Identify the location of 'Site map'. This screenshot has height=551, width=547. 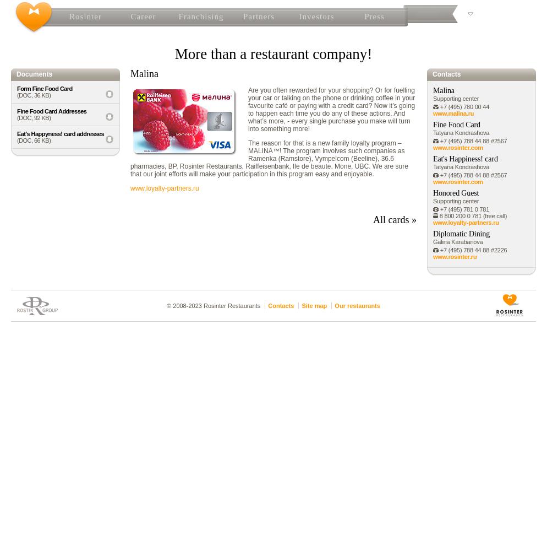
(314, 306).